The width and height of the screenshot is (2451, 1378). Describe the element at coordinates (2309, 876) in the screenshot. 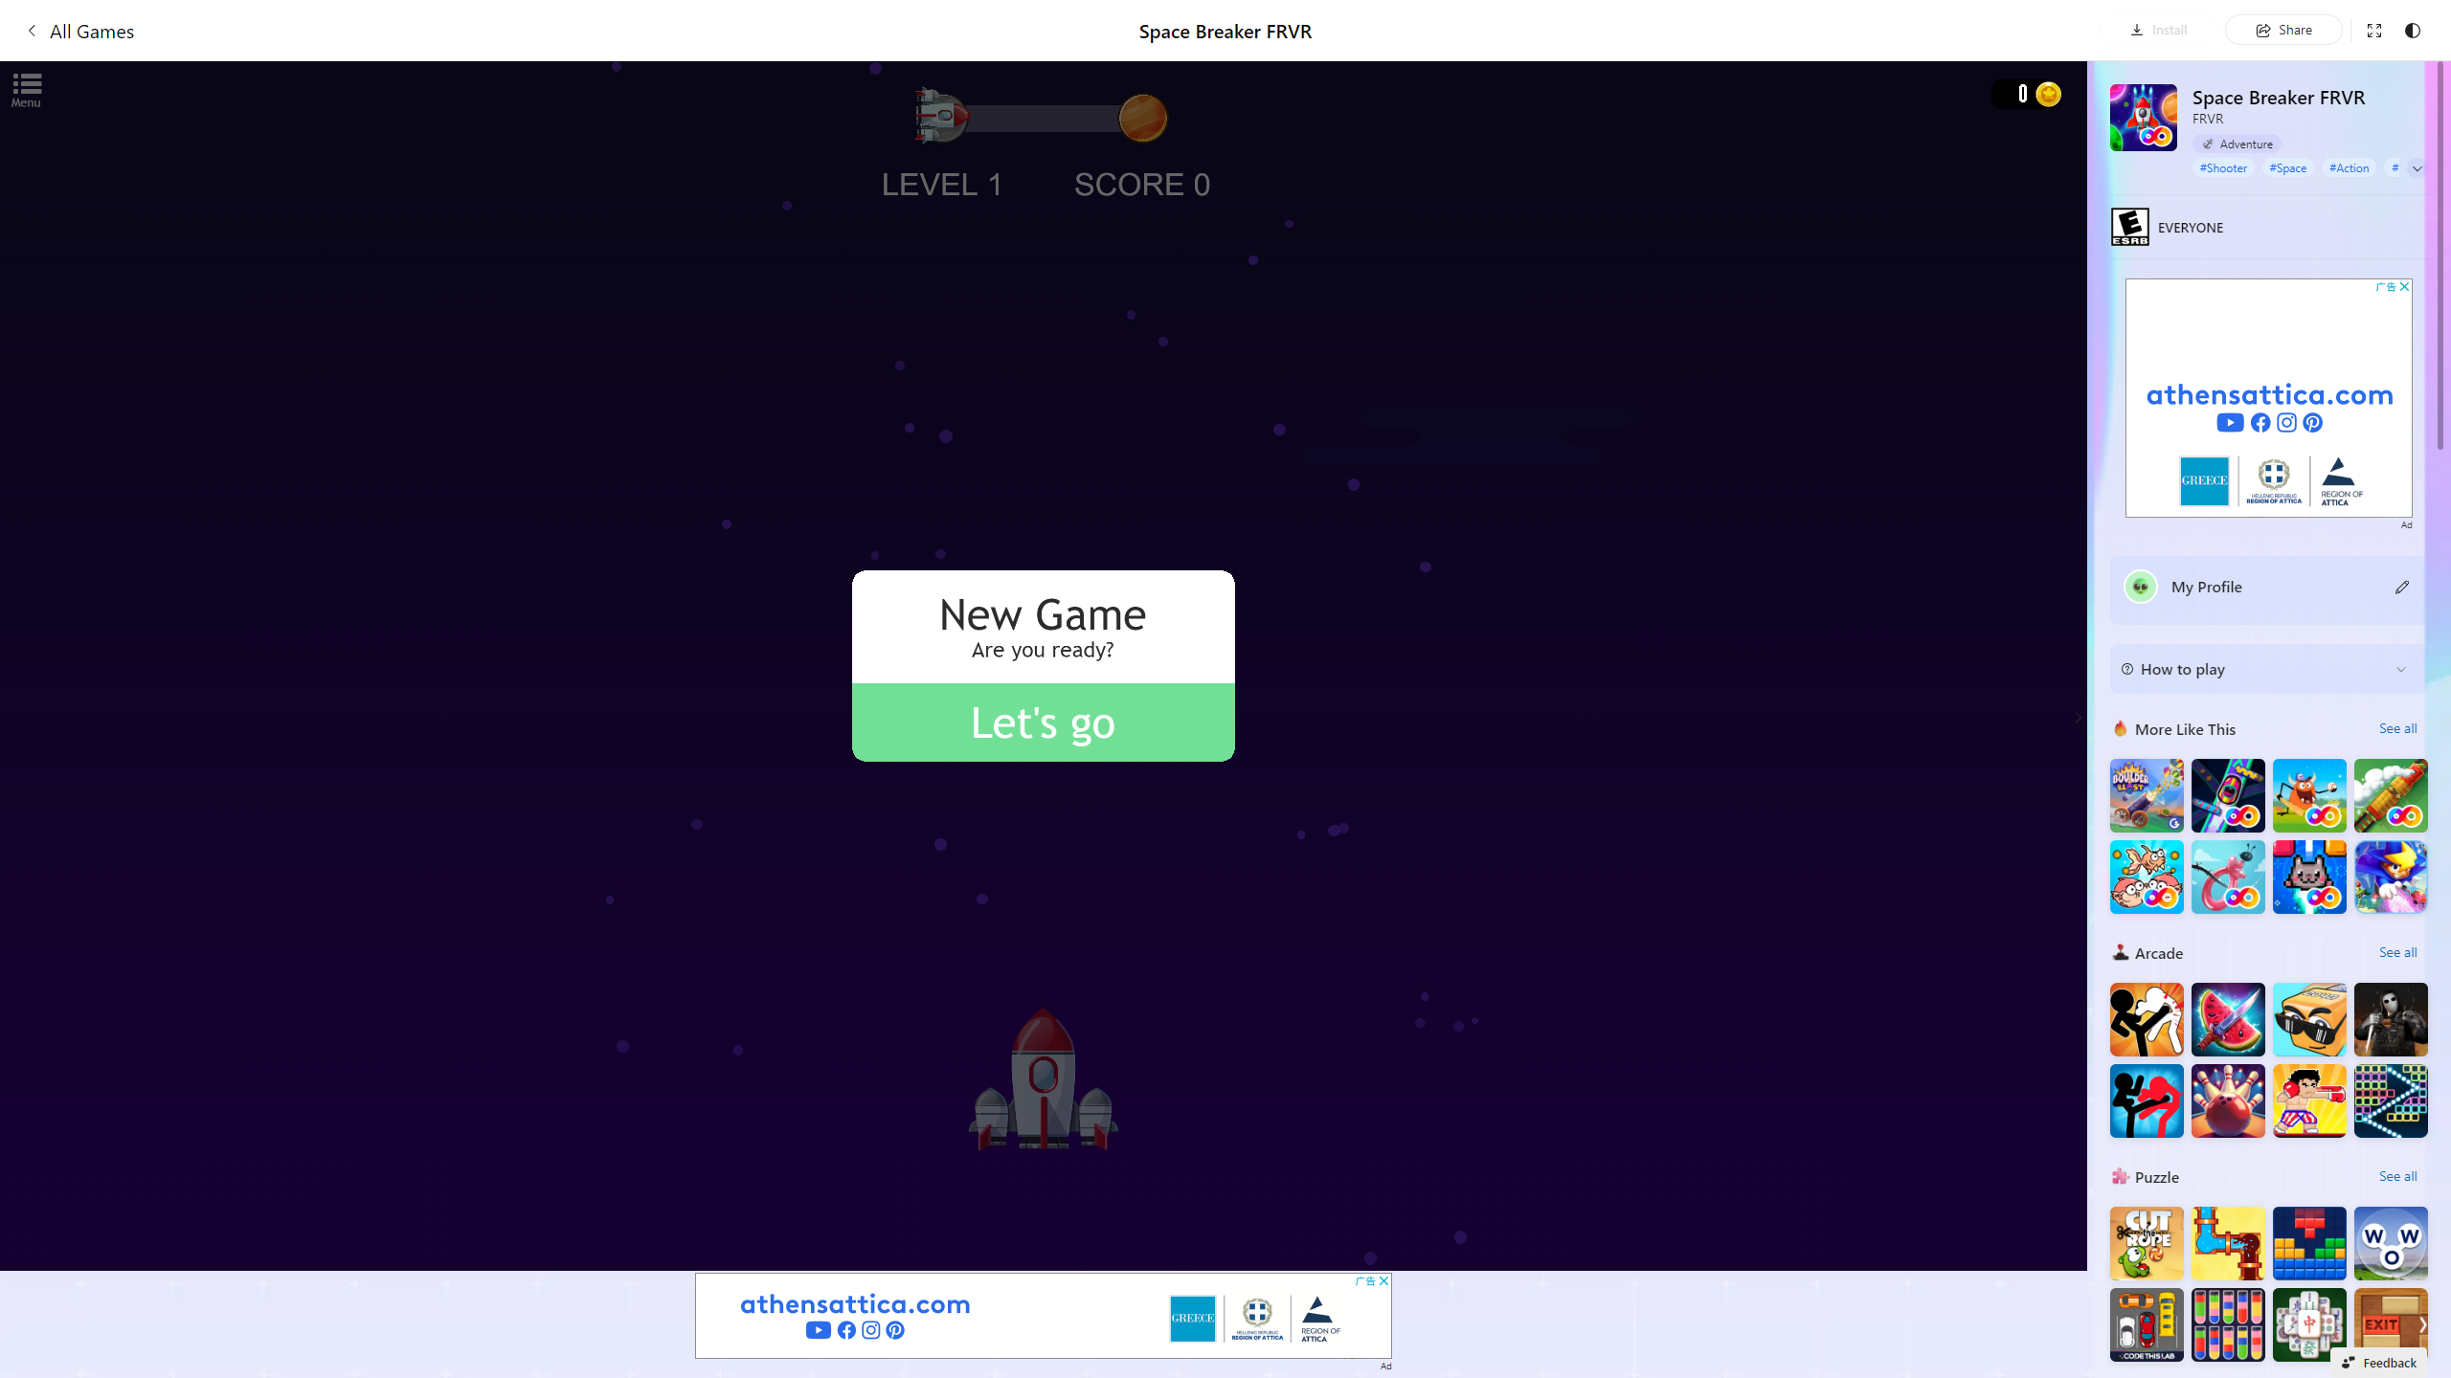

I see `'Kitten Force FRVR'` at that location.